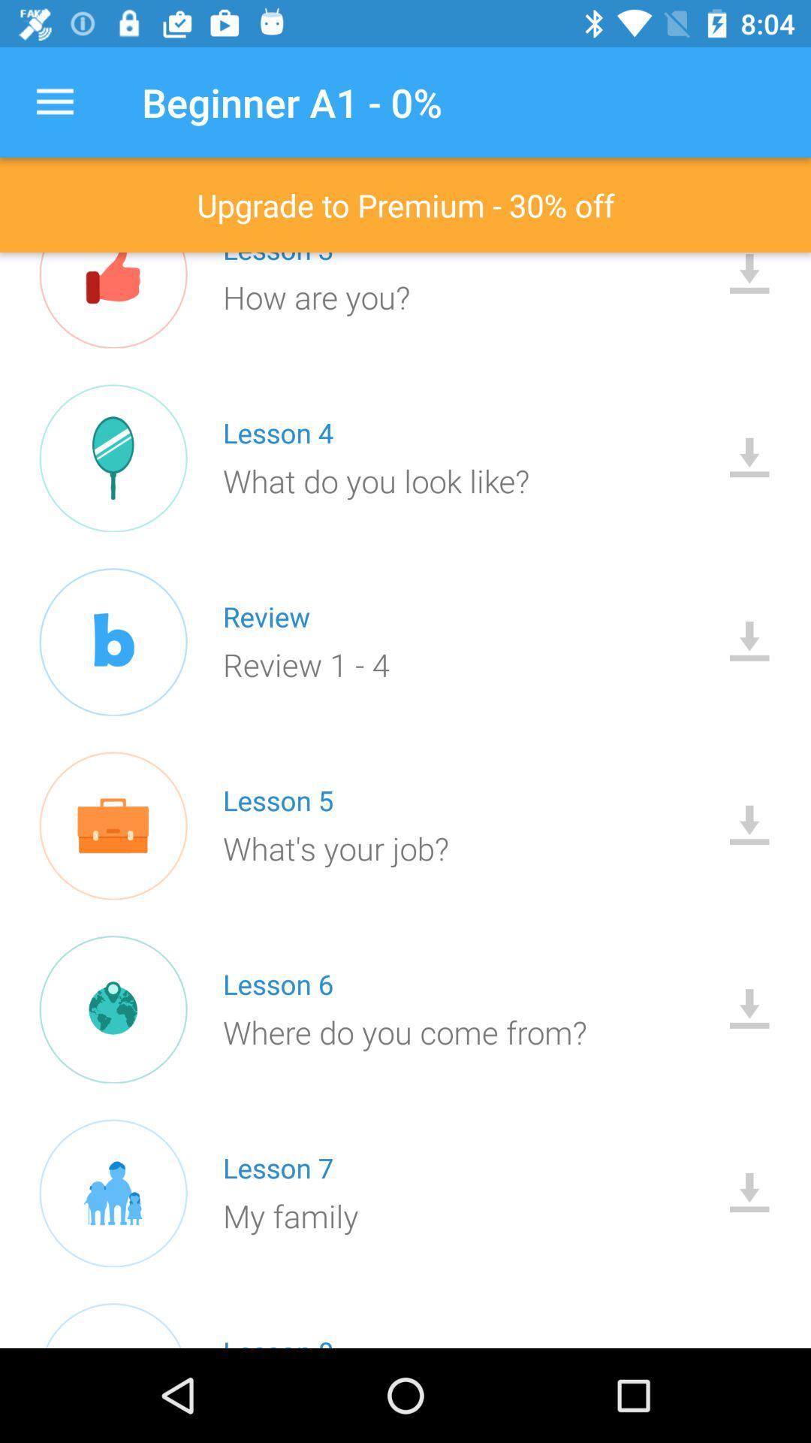  What do you see at coordinates (54, 101) in the screenshot?
I see `the app next to the beginner a1 - 0% app` at bounding box center [54, 101].